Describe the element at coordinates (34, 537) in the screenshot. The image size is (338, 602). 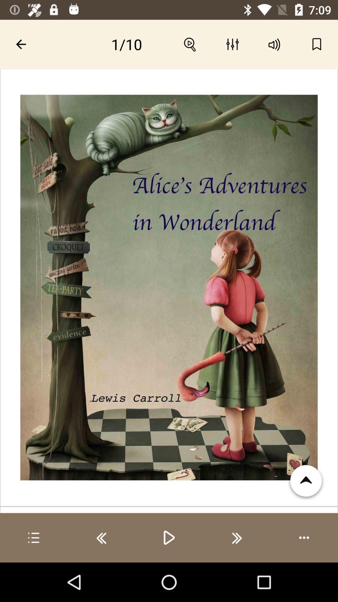
I see `menu` at that location.